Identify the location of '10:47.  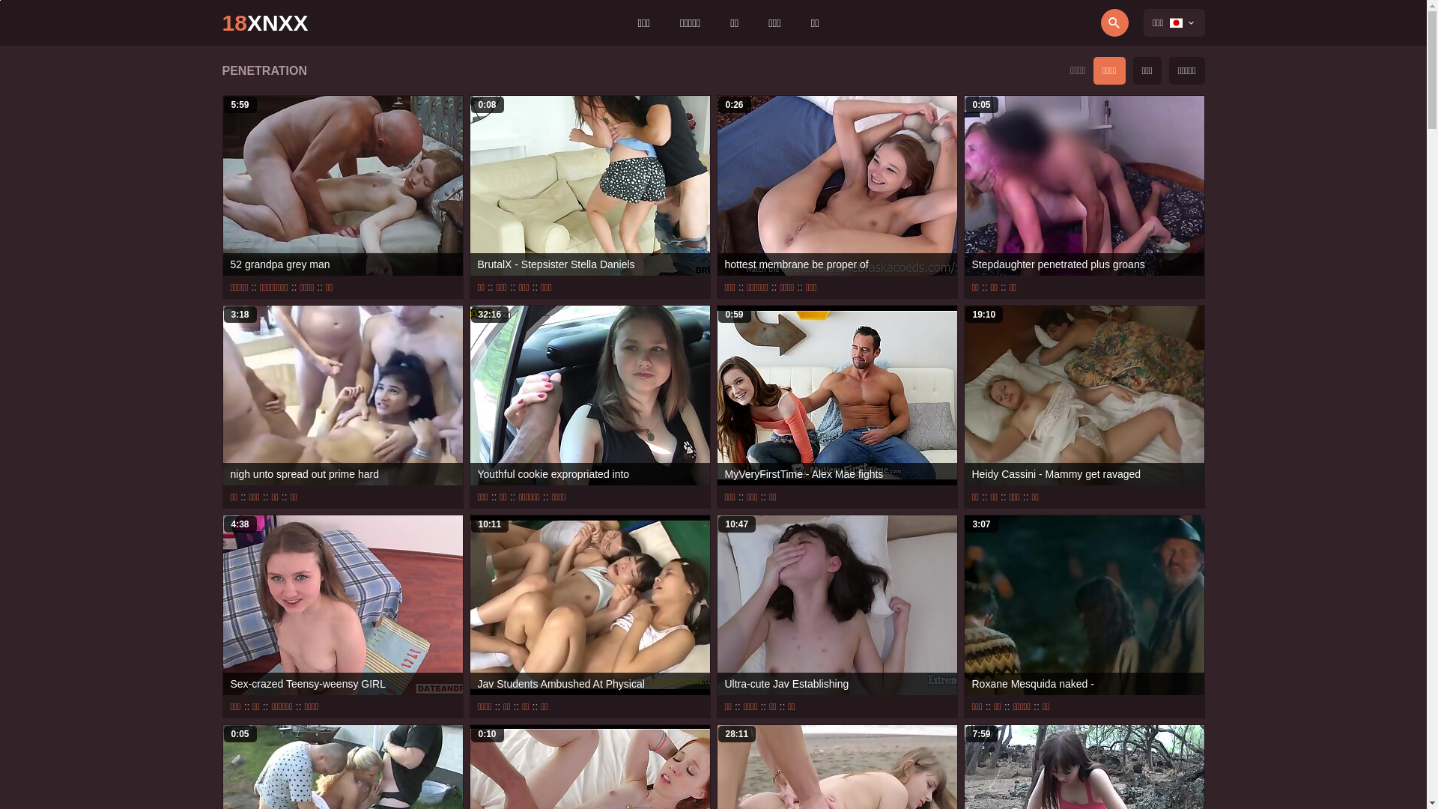
(837, 604).